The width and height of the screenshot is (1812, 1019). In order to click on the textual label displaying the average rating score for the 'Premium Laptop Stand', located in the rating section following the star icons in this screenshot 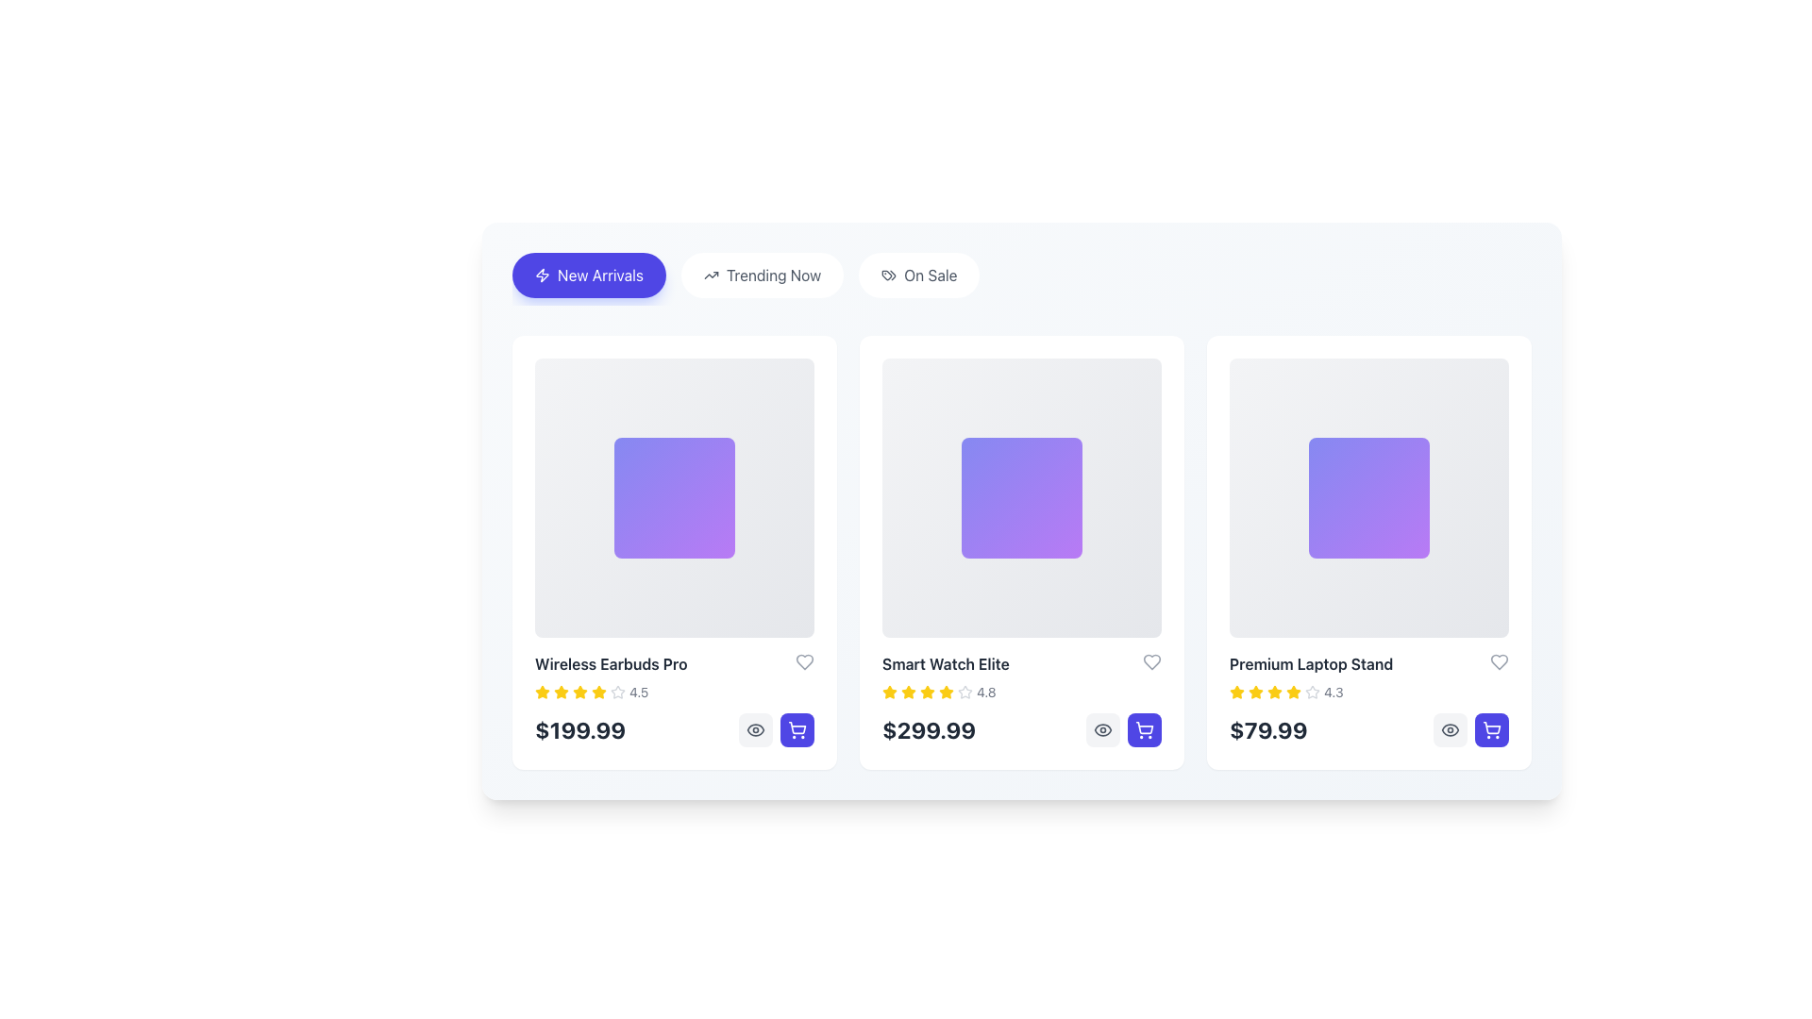, I will do `click(1333, 692)`.